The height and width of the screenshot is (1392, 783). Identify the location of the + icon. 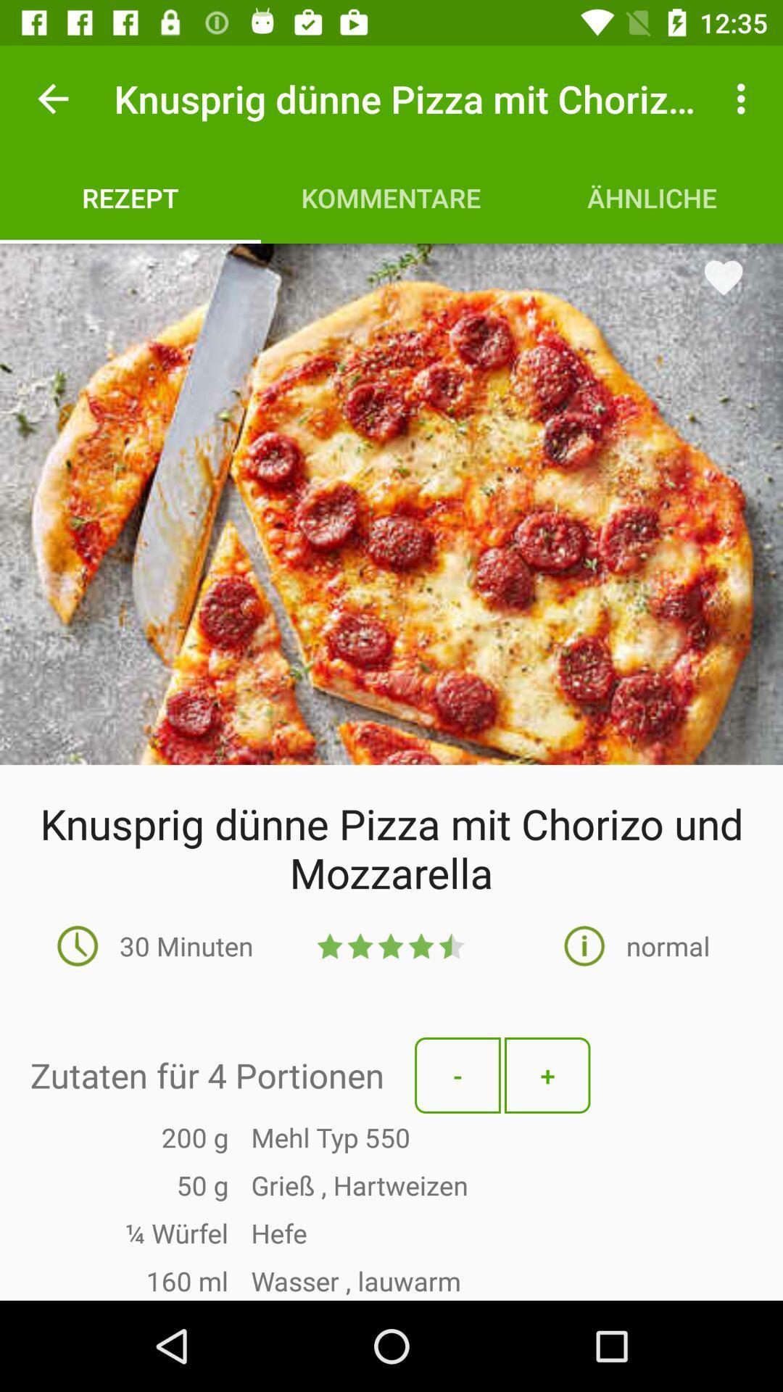
(547, 1075).